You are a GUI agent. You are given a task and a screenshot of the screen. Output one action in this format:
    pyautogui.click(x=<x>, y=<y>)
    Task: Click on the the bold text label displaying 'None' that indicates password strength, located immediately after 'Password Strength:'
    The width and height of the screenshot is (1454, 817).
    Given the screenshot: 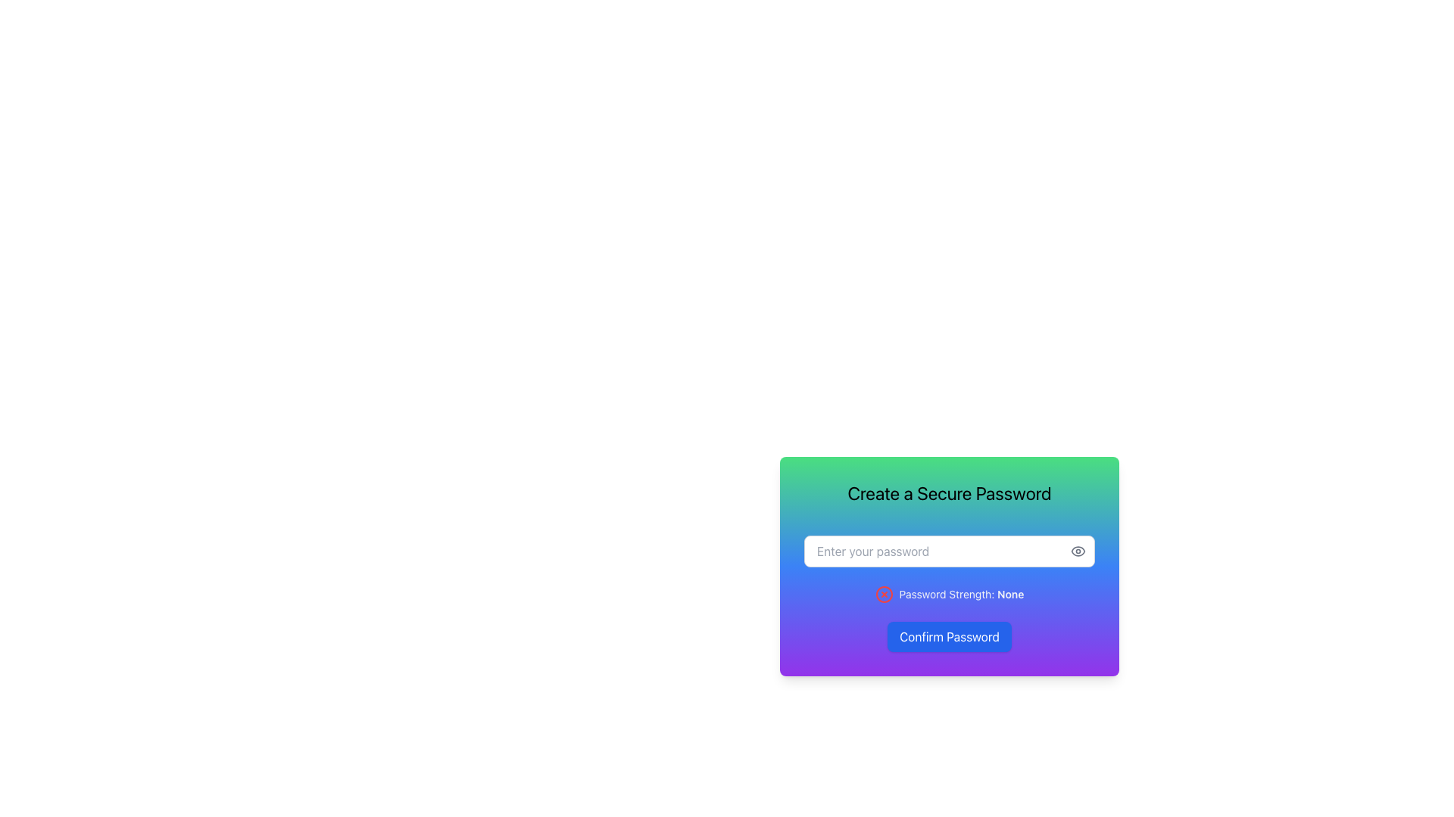 What is the action you would take?
    pyautogui.click(x=1010, y=593)
    